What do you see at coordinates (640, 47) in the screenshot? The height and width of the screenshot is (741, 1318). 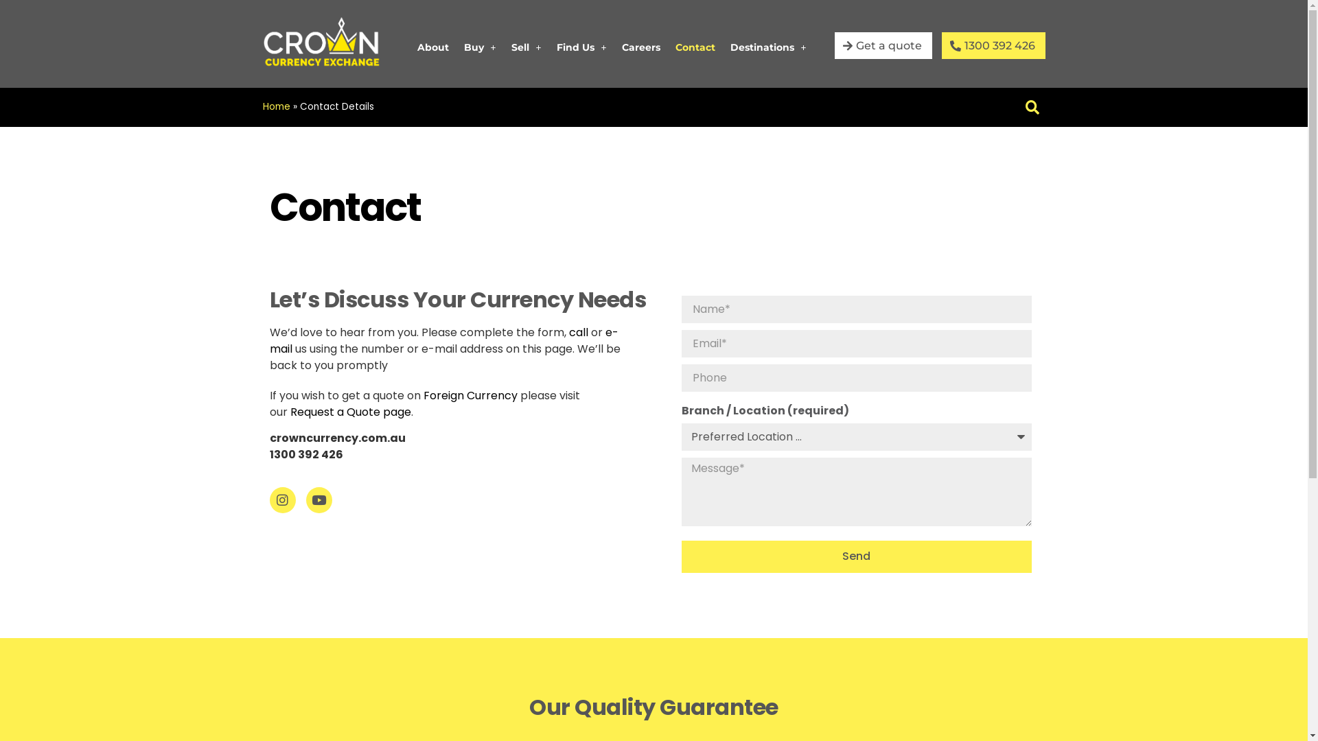 I see `'Careers'` at bounding box center [640, 47].